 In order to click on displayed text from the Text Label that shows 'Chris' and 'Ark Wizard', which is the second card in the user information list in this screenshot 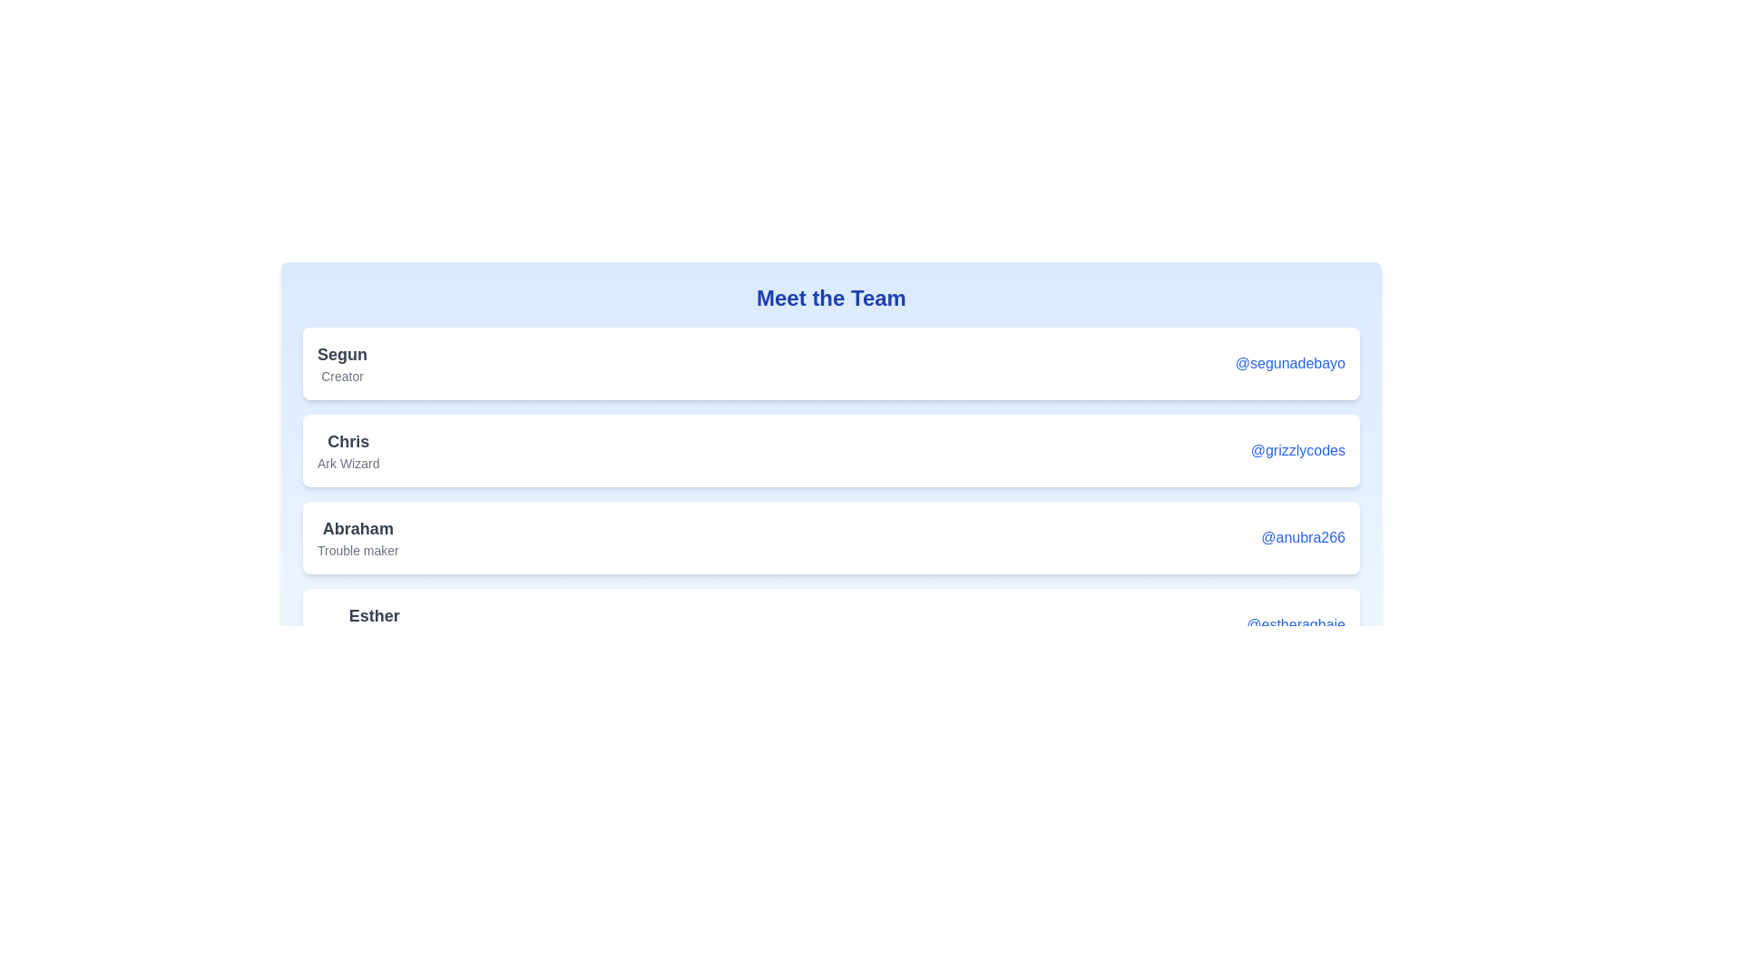, I will do `click(348, 450)`.